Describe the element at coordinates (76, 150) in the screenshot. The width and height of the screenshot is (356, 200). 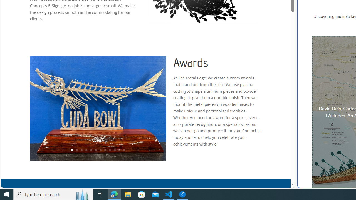
I see `'2'` at that location.